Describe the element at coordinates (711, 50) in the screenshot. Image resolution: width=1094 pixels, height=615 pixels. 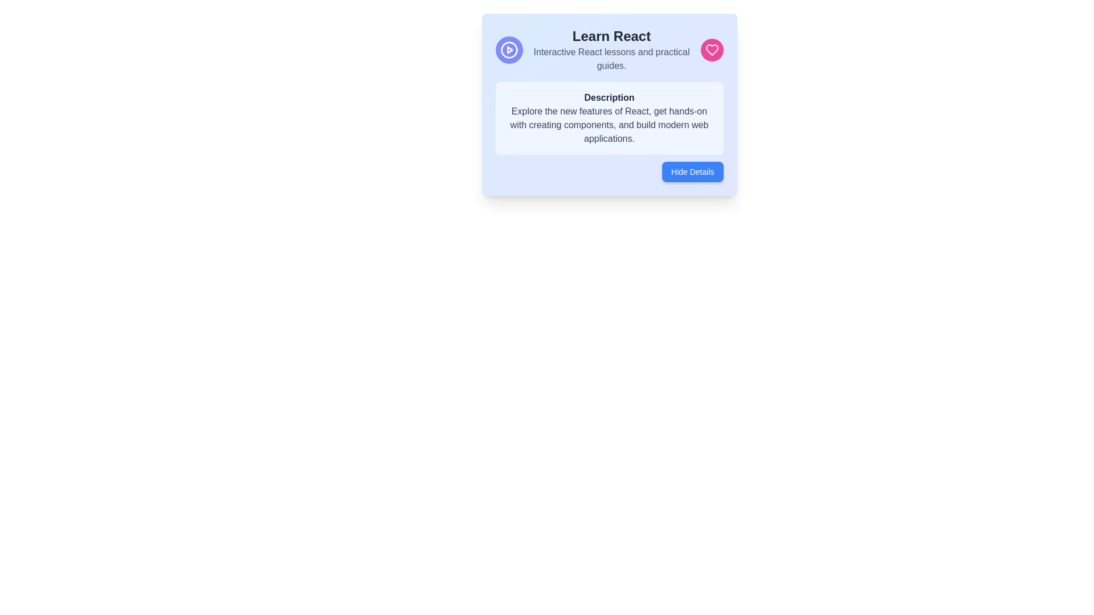
I see `the heart icon within the pink circular button to observe any interactive feedback` at that location.